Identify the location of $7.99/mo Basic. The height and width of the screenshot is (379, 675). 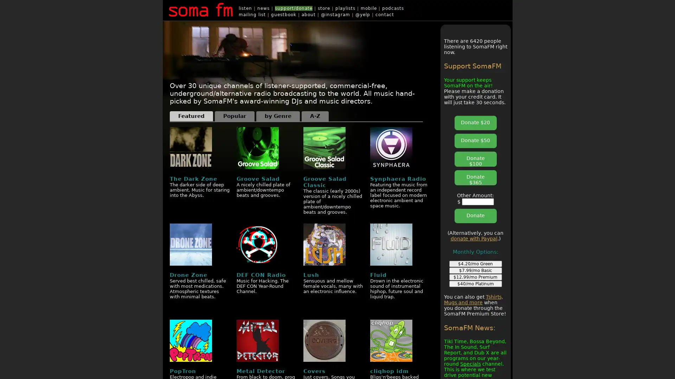
(475, 270).